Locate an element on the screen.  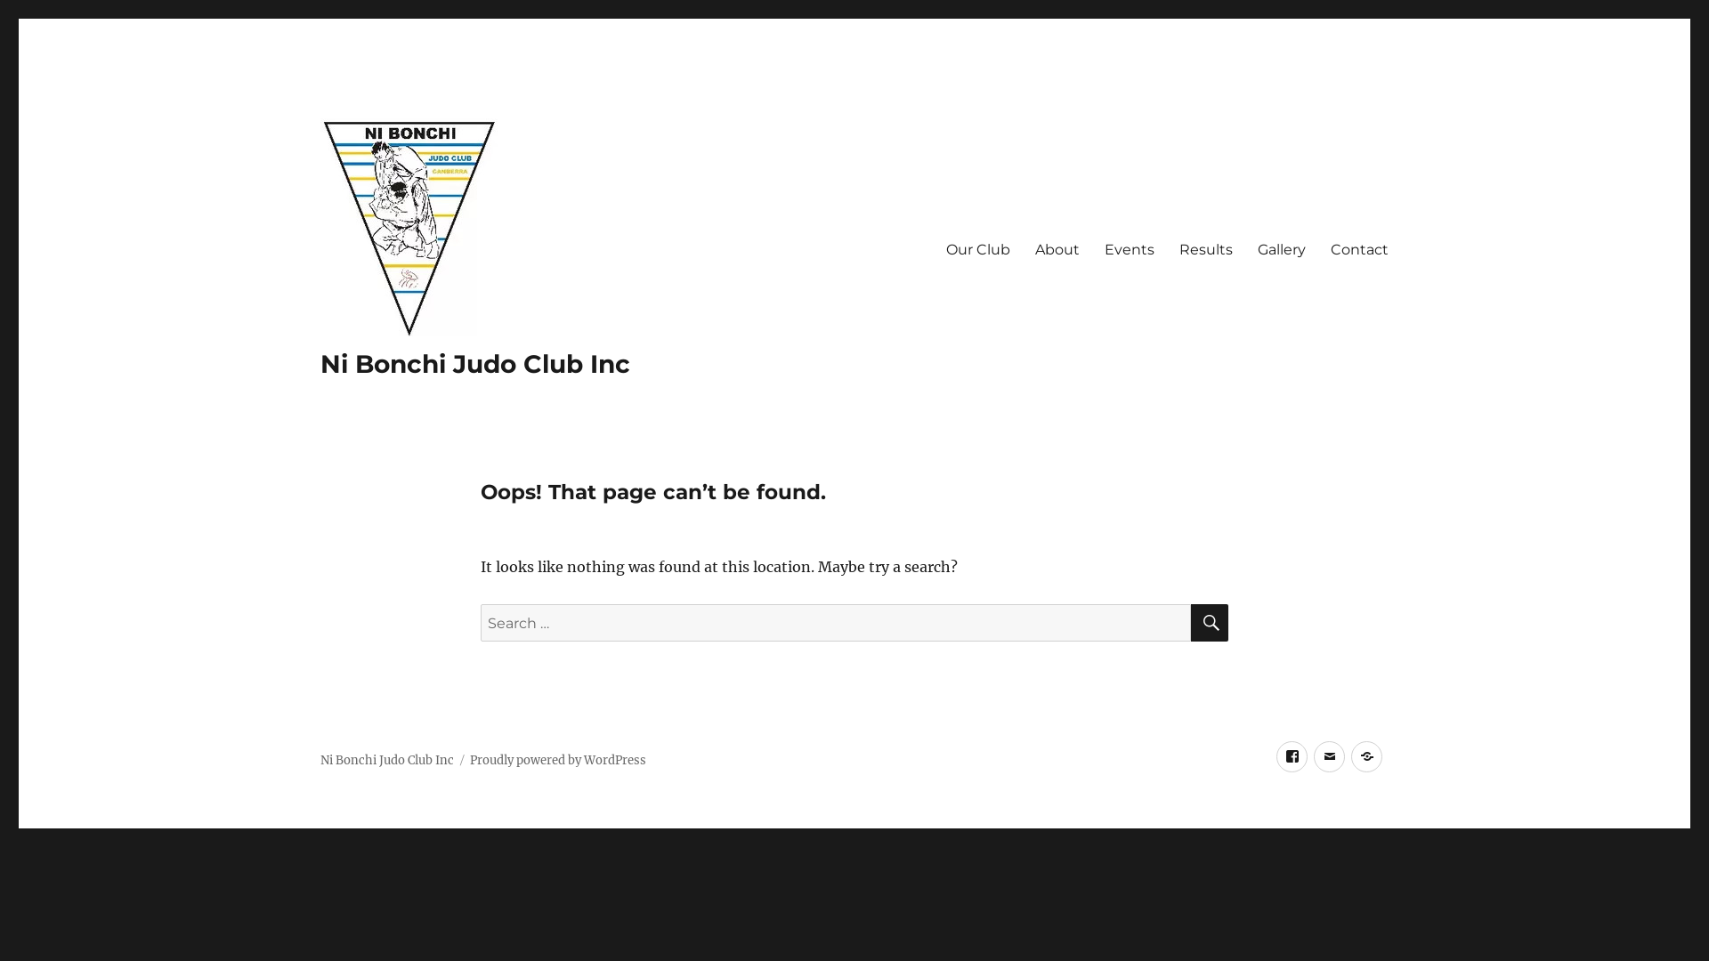
'Proudly powered by WordPress' is located at coordinates (557, 760).